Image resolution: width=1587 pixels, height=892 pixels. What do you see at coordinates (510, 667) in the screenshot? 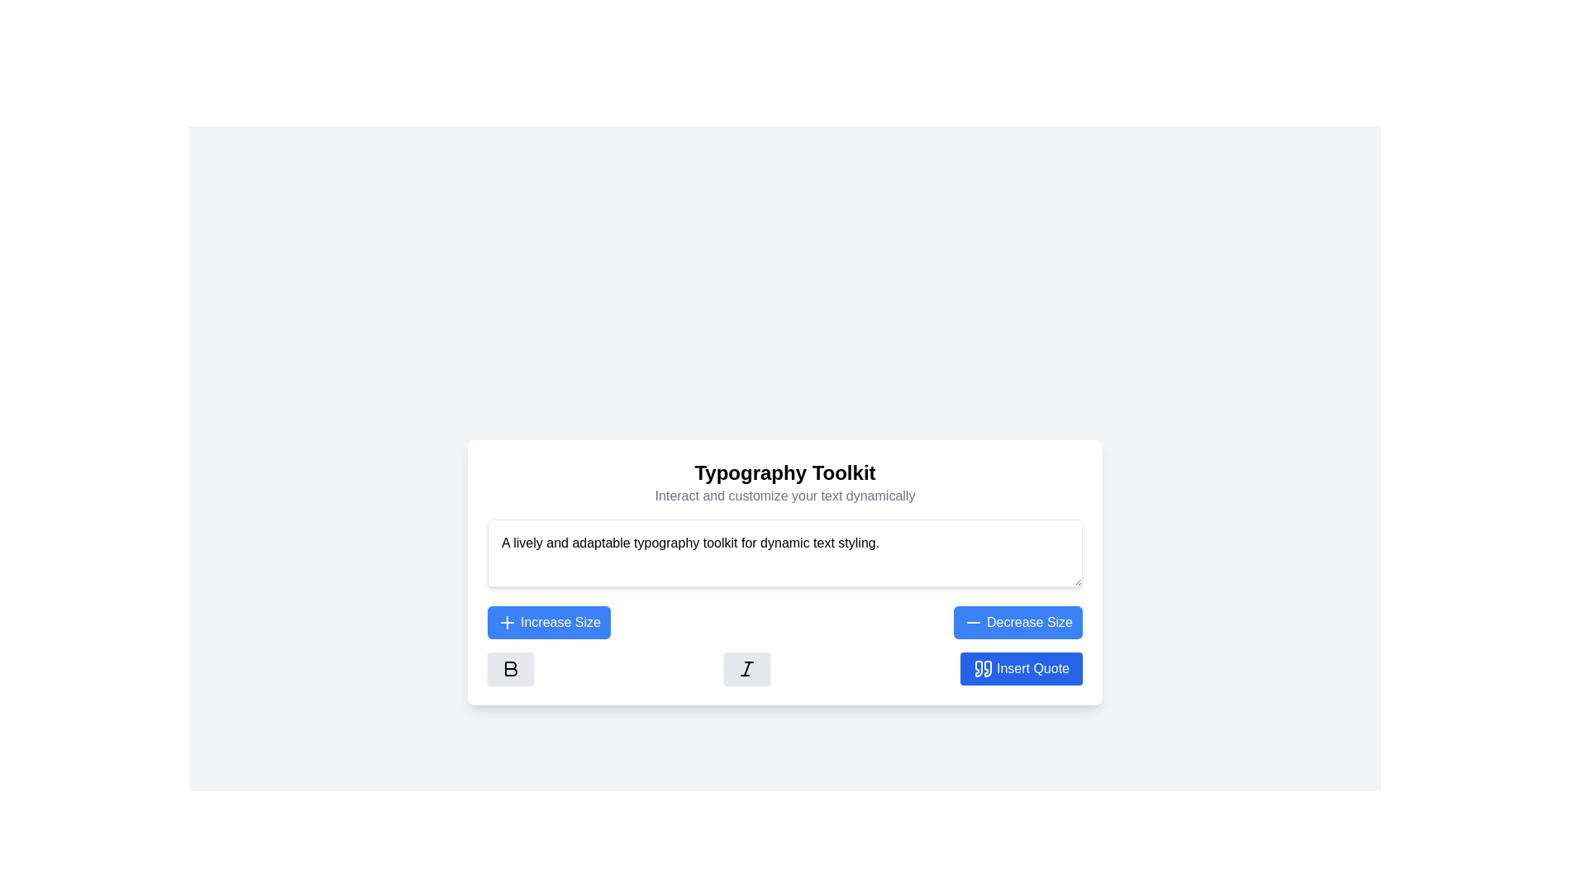
I see `the button located to the left of the italic-style button` at bounding box center [510, 667].